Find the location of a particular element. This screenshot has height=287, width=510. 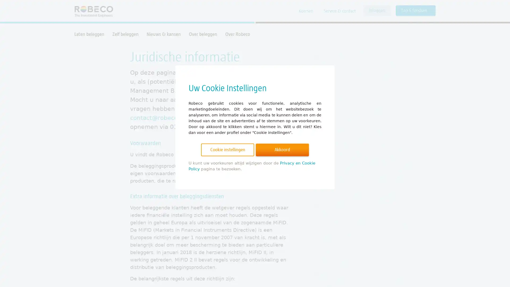

Laten beleggen is located at coordinates (89, 34).